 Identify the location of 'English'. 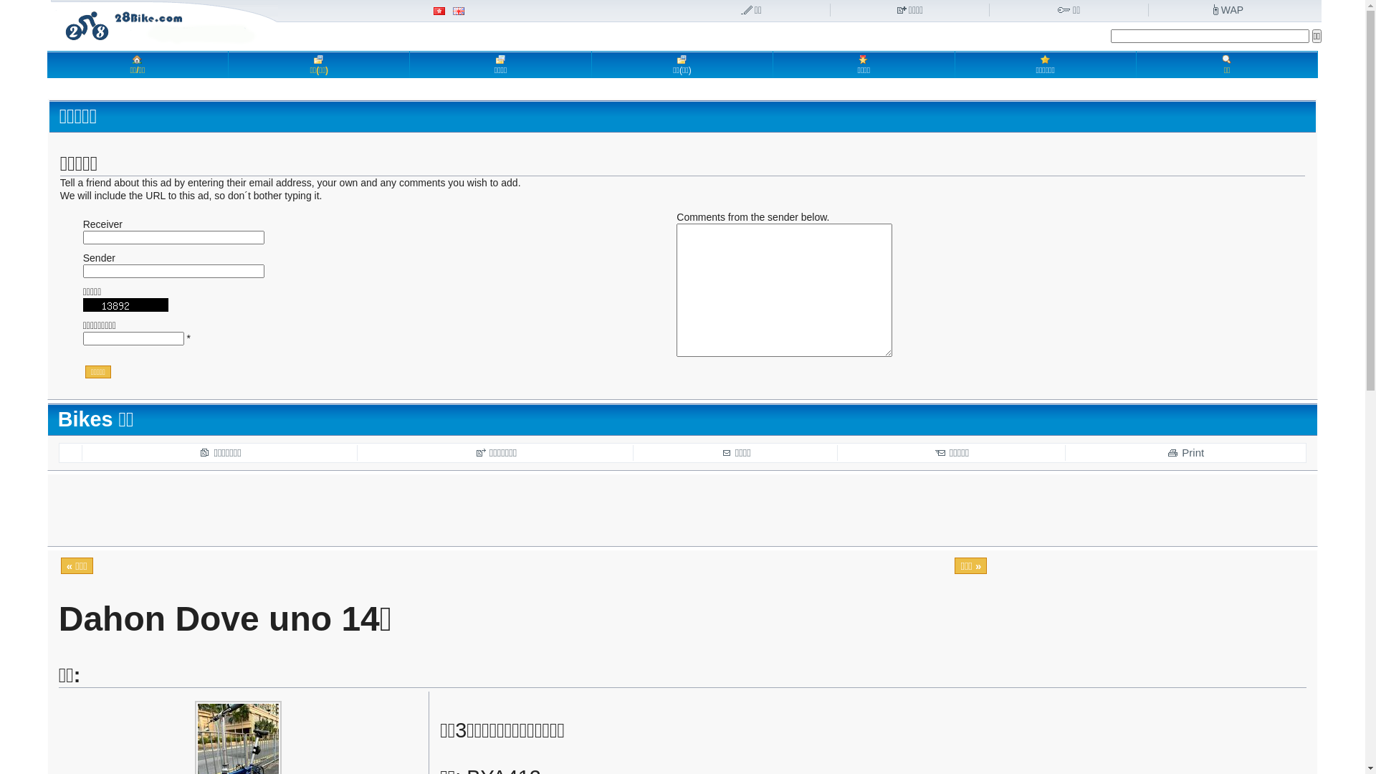
(457, 11).